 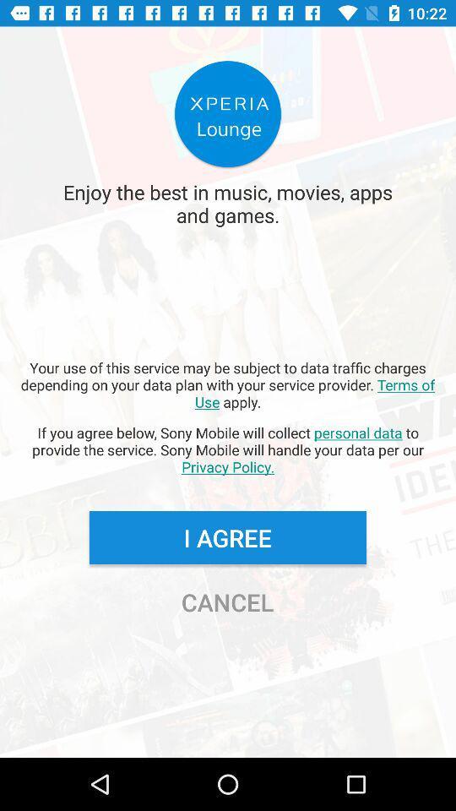 I want to click on your use of app, so click(x=228, y=384).